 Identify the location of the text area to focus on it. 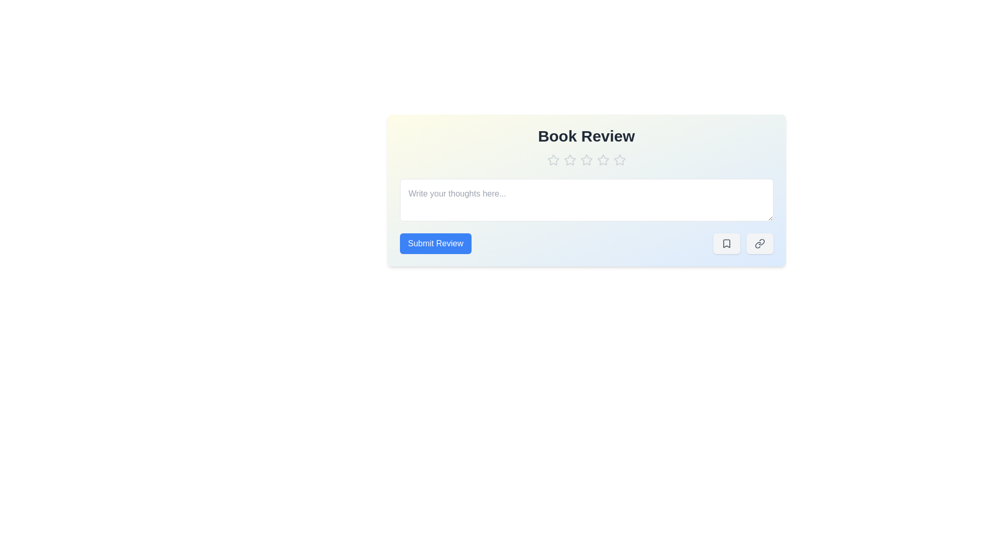
(586, 200).